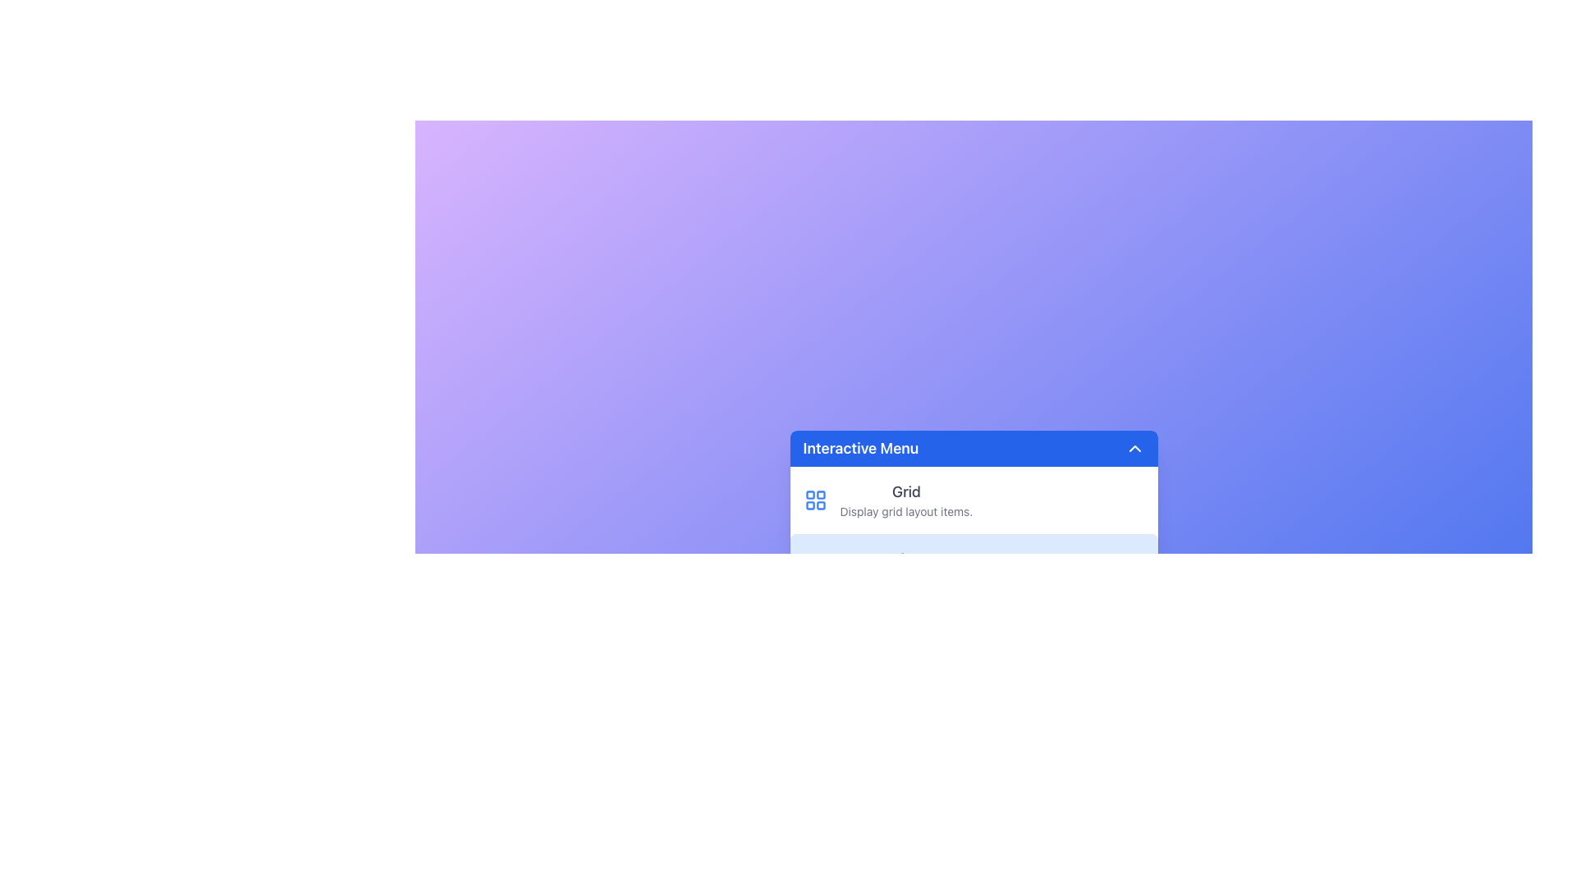 The height and width of the screenshot is (886, 1576). I want to click on the static label 'Interactive Menu' located in the top-left section of the header bar of the pop-up menu, so click(859, 449).